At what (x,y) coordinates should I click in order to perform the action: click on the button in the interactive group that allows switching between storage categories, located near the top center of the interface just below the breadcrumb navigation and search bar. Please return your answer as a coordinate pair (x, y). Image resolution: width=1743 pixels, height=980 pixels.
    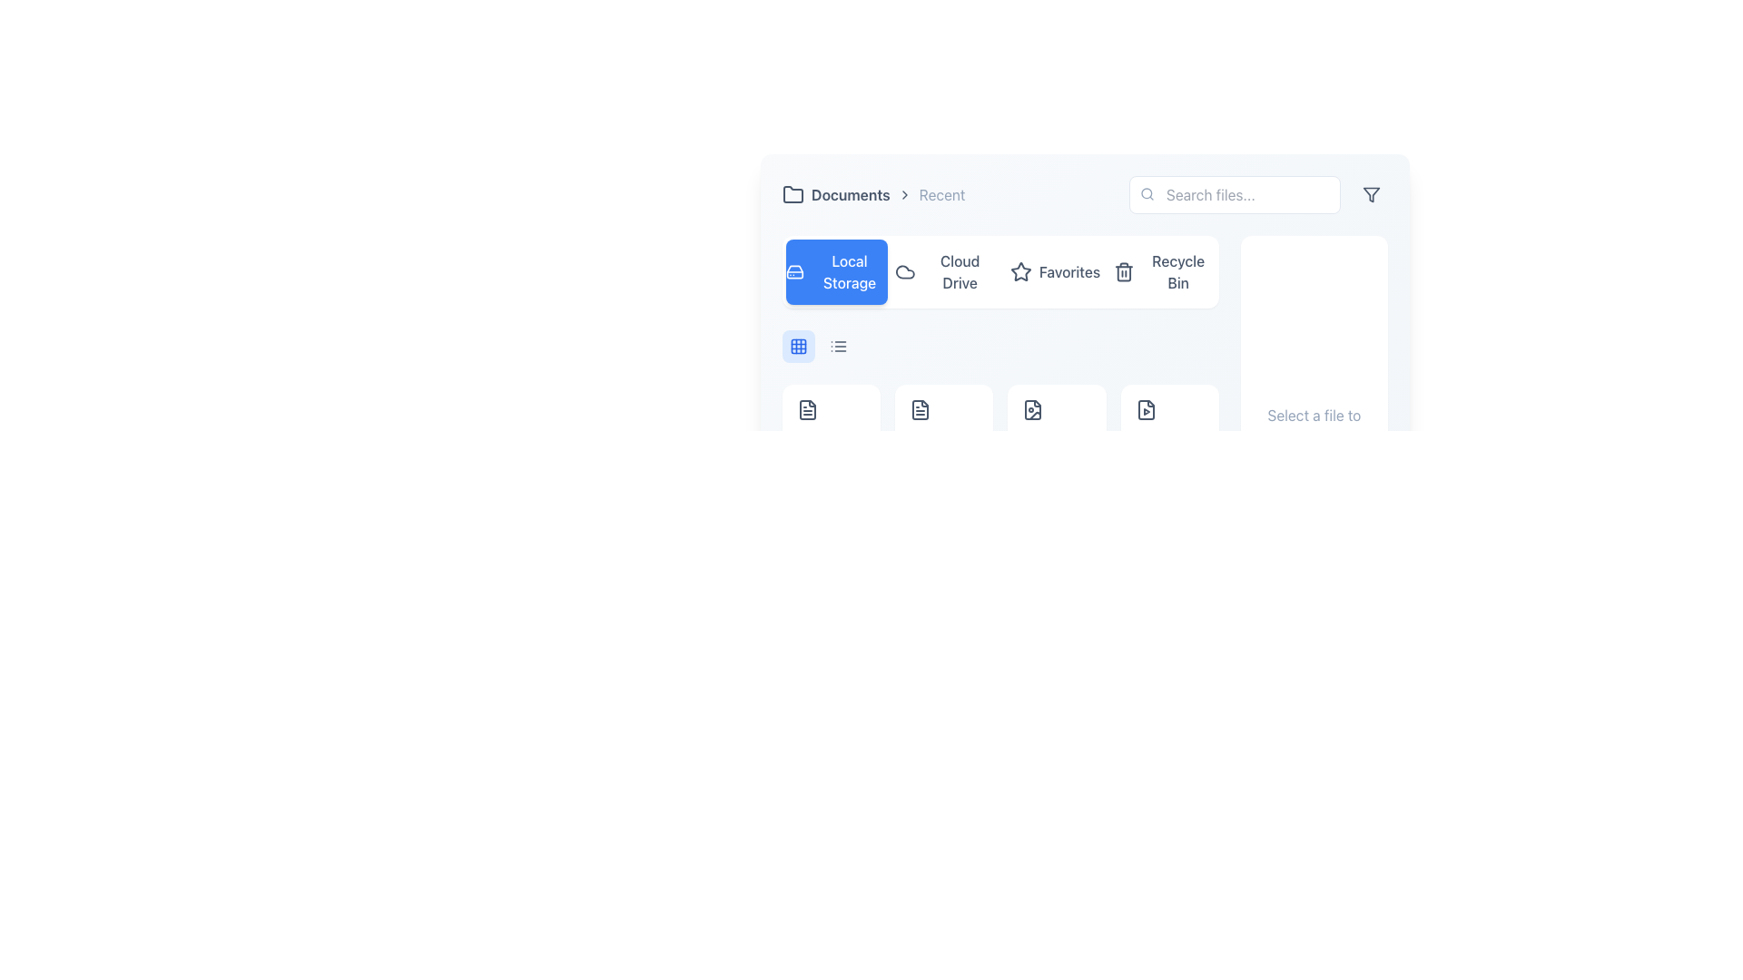
    Looking at the image, I should click on (1000, 272).